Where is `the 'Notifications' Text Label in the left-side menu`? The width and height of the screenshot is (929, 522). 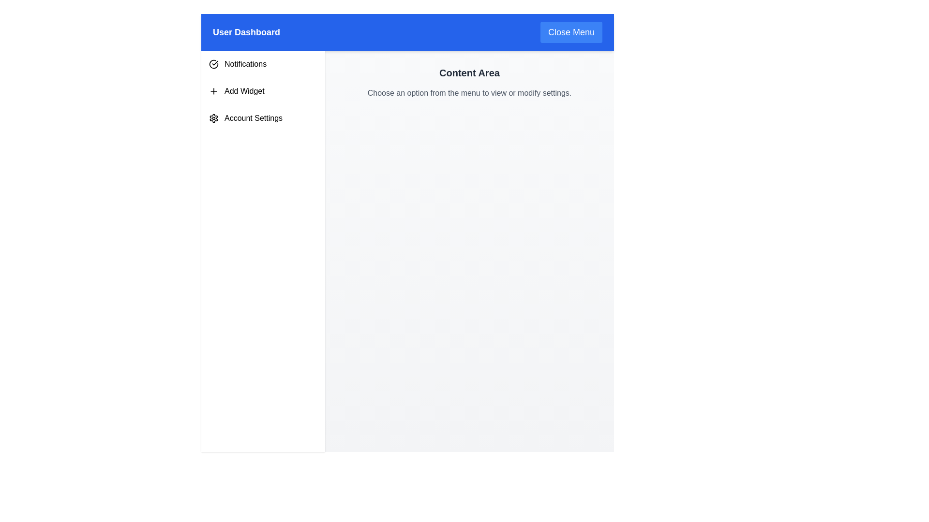 the 'Notifications' Text Label in the left-side menu is located at coordinates (245, 64).